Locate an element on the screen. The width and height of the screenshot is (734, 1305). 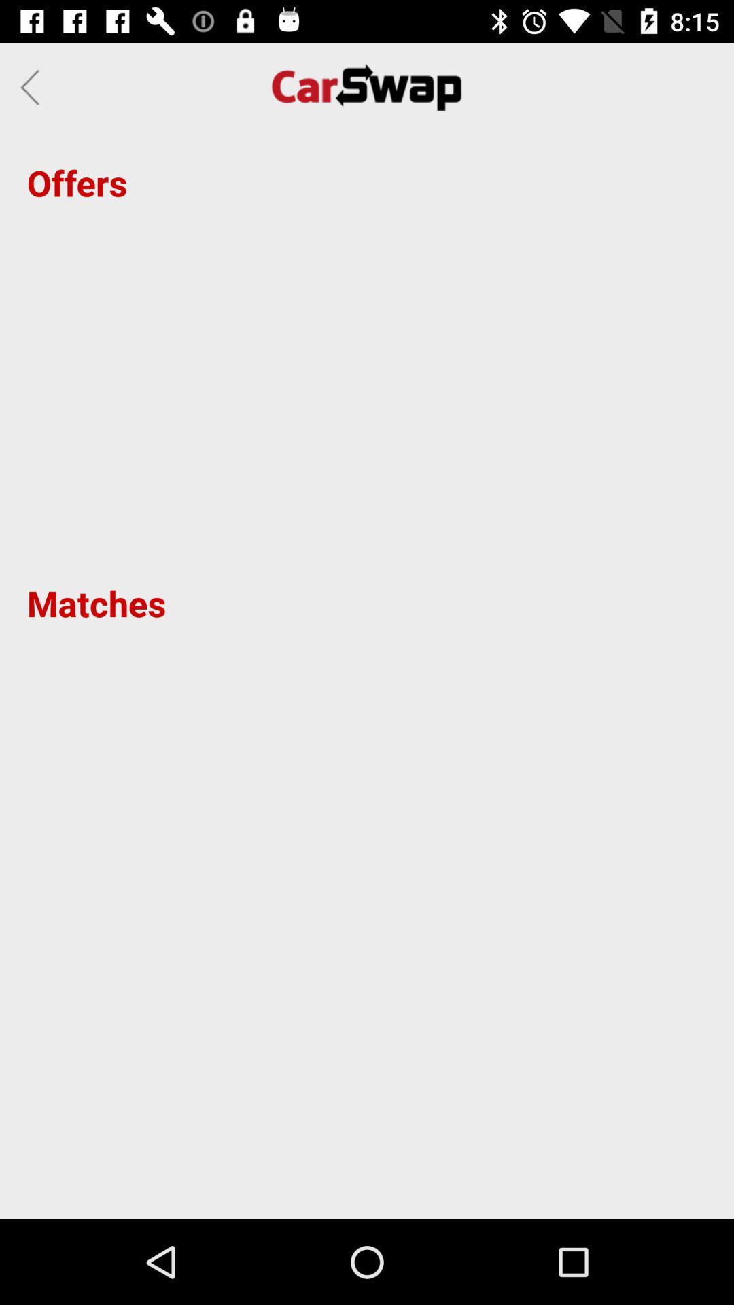
app above offers item is located at coordinates (33, 86).